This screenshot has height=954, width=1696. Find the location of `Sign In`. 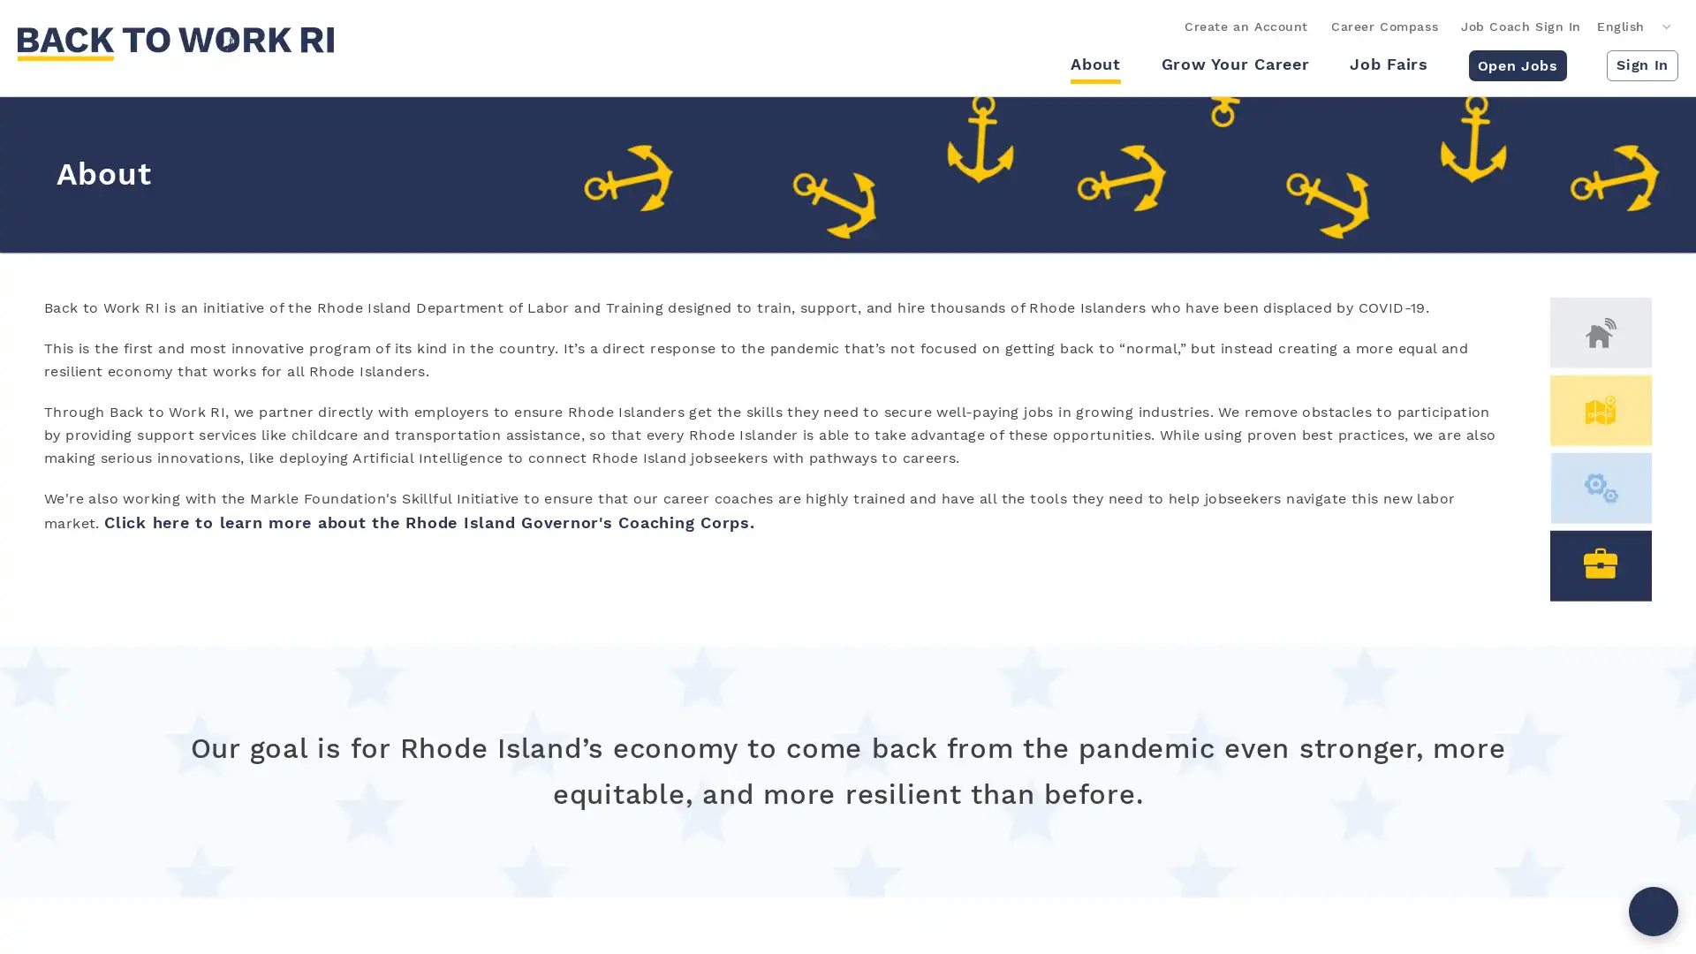

Sign In is located at coordinates (1641, 64).